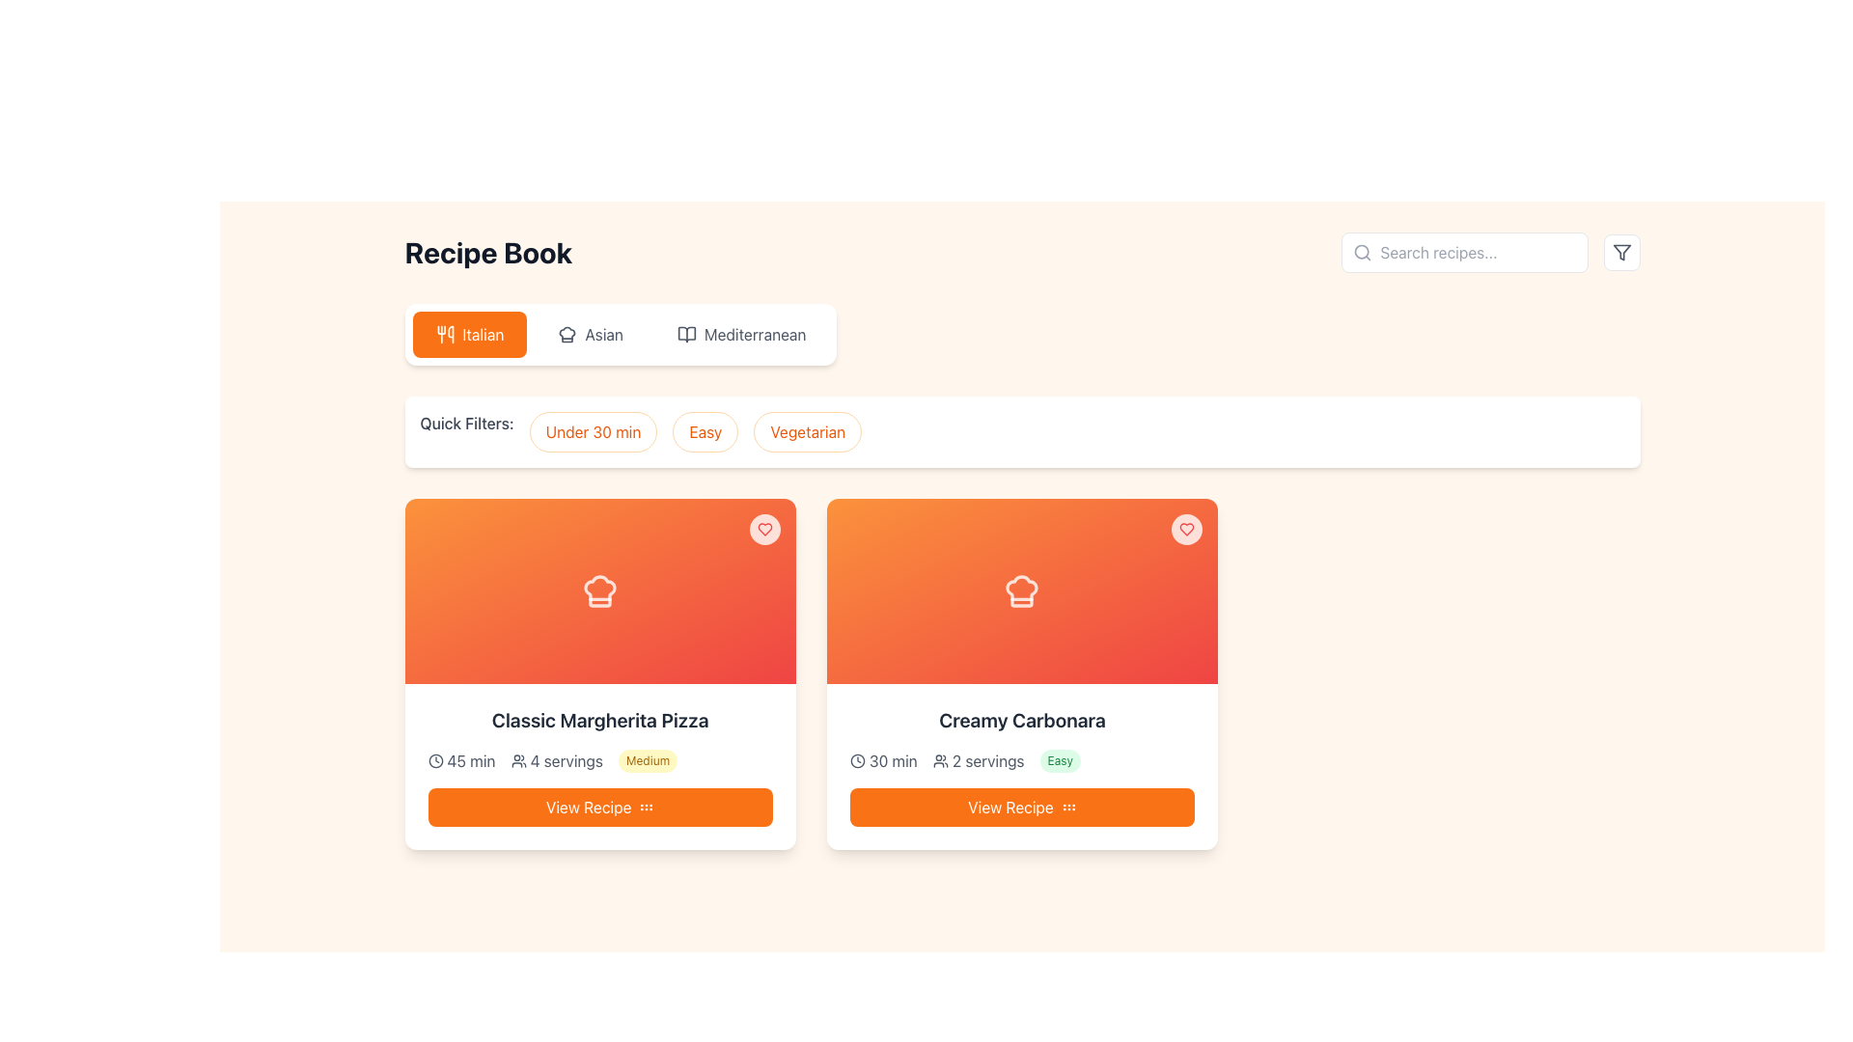  Describe the element at coordinates (754, 334) in the screenshot. I see `the Mediterranean cuisine label` at that location.